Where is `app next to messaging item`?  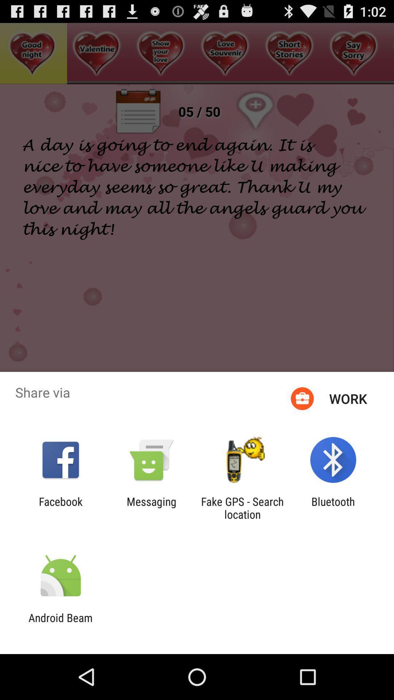 app next to messaging item is located at coordinates (60, 507).